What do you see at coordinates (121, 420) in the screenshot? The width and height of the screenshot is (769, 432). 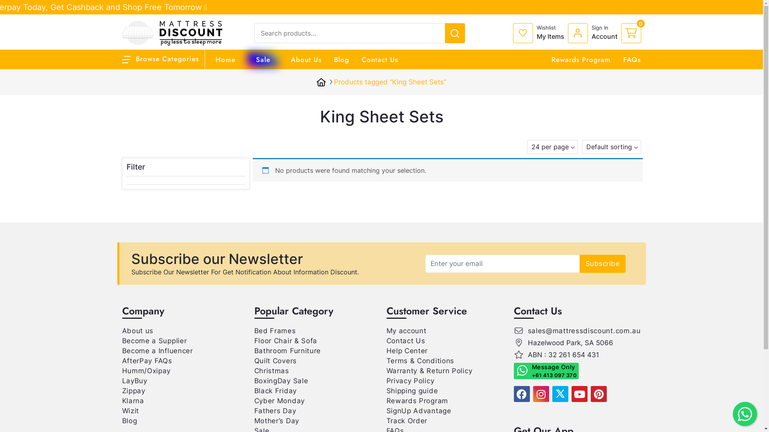 I see `'Blog'` at bounding box center [121, 420].